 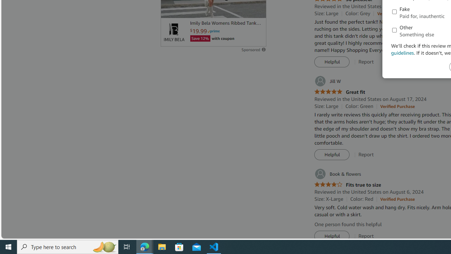 What do you see at coordinates (327, 81) in the screenshot?
I see `'Jill W'` at bounding box center [327, 81].